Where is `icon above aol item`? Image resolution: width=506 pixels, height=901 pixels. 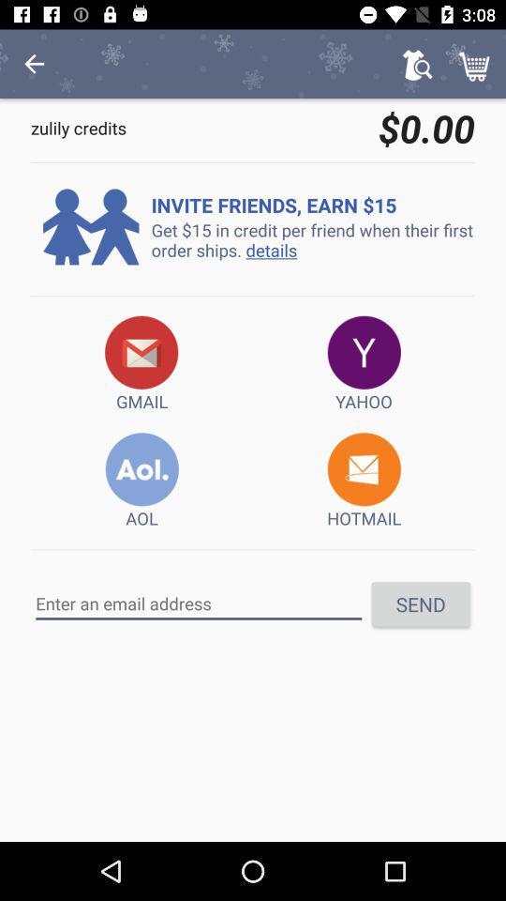
icon above aol item is located at coordinates (141, 363).